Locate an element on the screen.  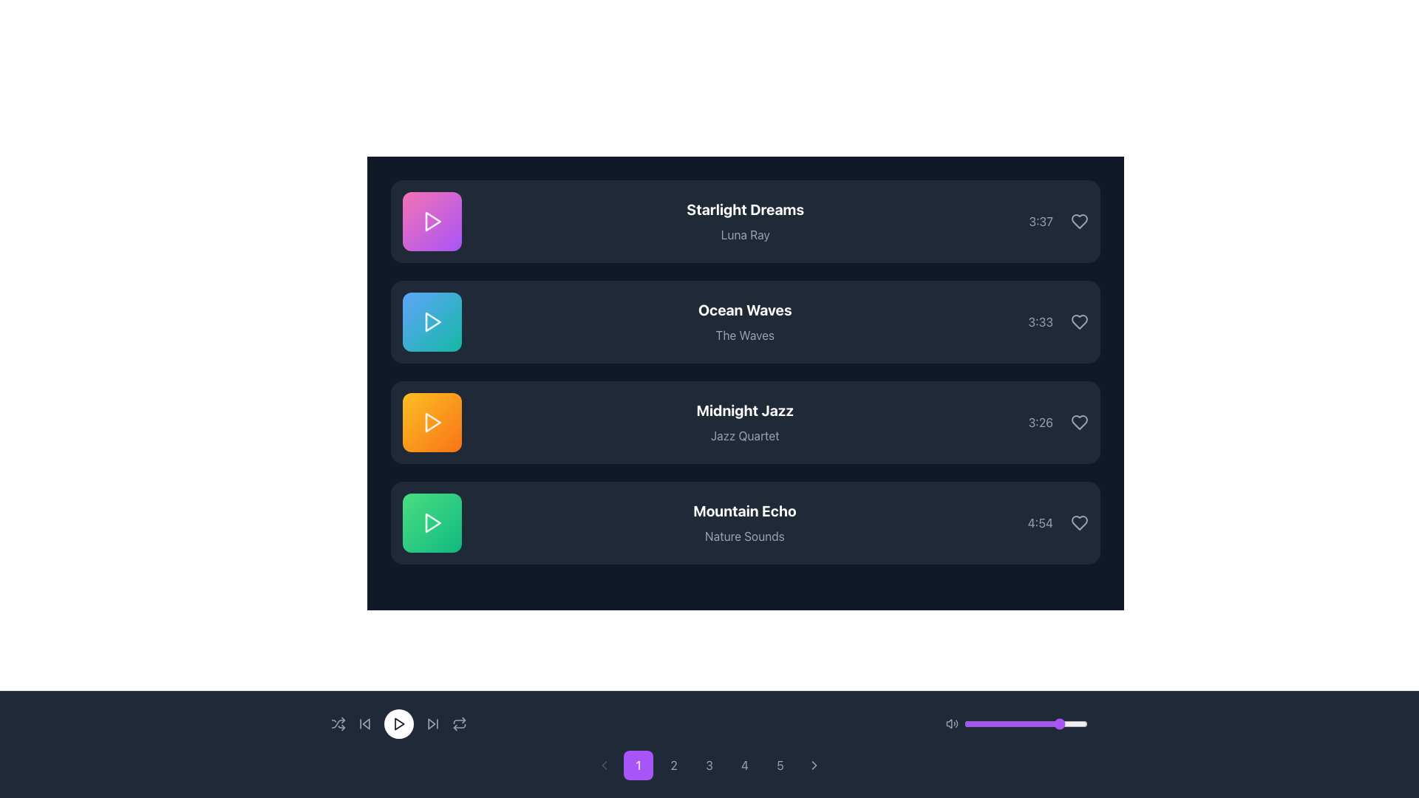
the text label displaying 'Midnight Jazz' which is prominently styled in bold, large white font within a dark-themed interface is located at coordinates (745, 410).